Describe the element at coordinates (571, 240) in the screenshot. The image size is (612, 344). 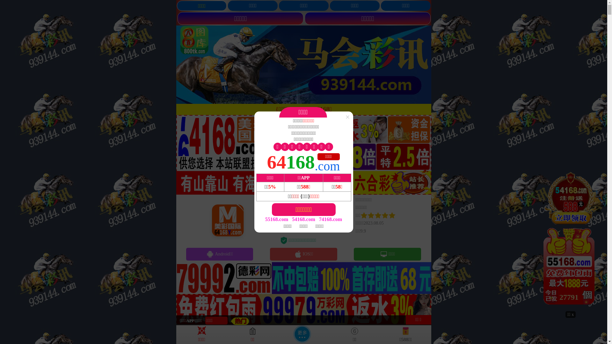
I see `'27959'` at that location.